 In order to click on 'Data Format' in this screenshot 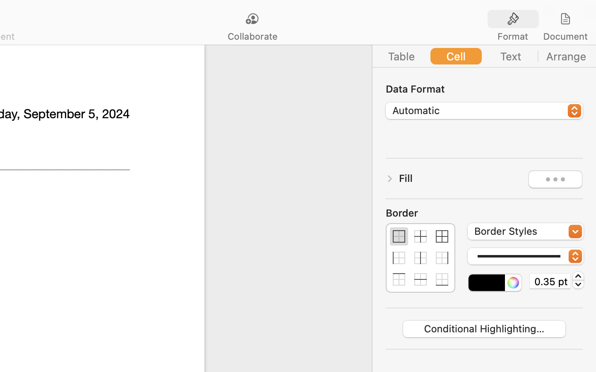, I will do `click(484, 89)`.